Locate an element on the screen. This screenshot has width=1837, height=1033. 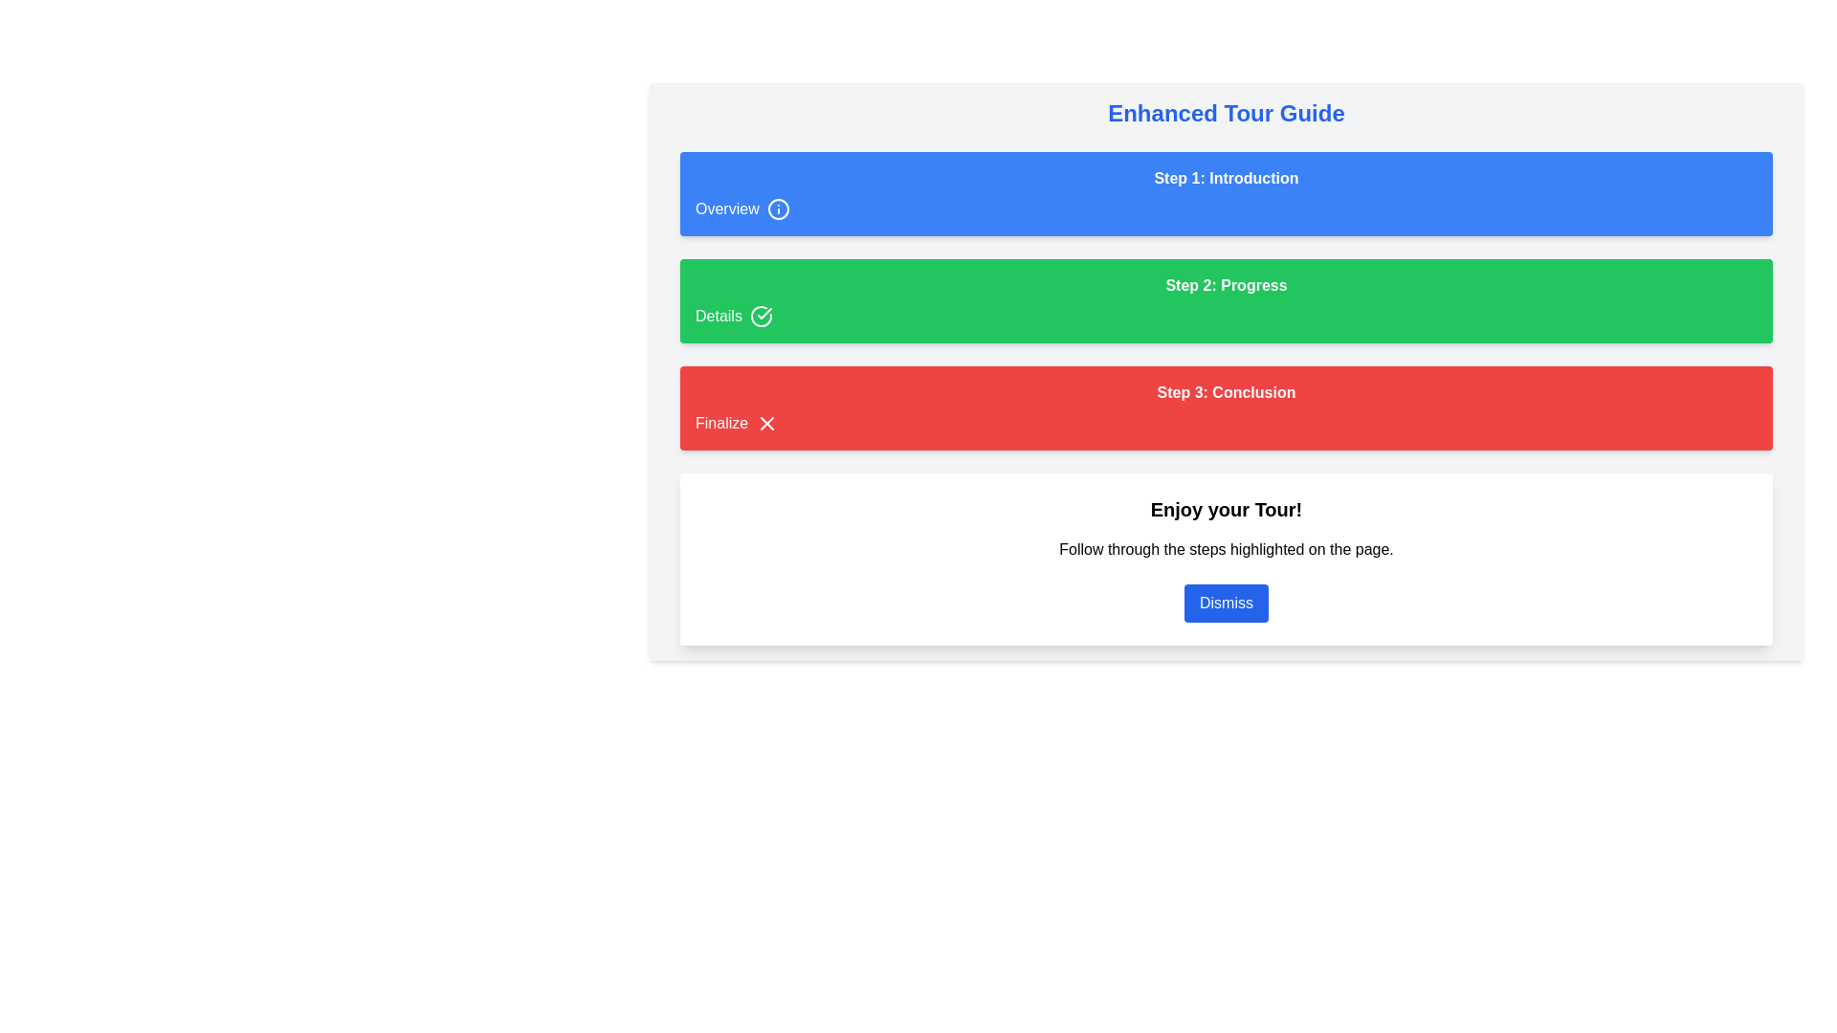
the Guided step panel, which features a red background with white text, displaying 'Step 3: Conclusion' and a smaller 'Finalize' text near an icon is located at coordinates (1226, 407).